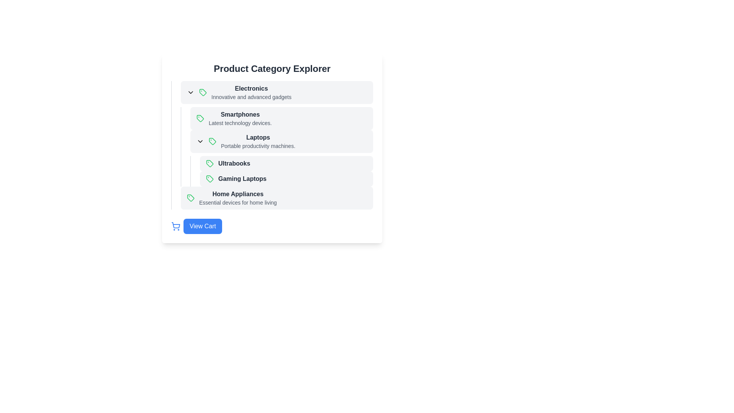  What do you see at coordinates (240, 122) in the screenshot?
I see `the text label displaying 'Latest technology devices.' which is styled in grey and positioned below the 'Smartphones' text` at bounding box center [240, 122].